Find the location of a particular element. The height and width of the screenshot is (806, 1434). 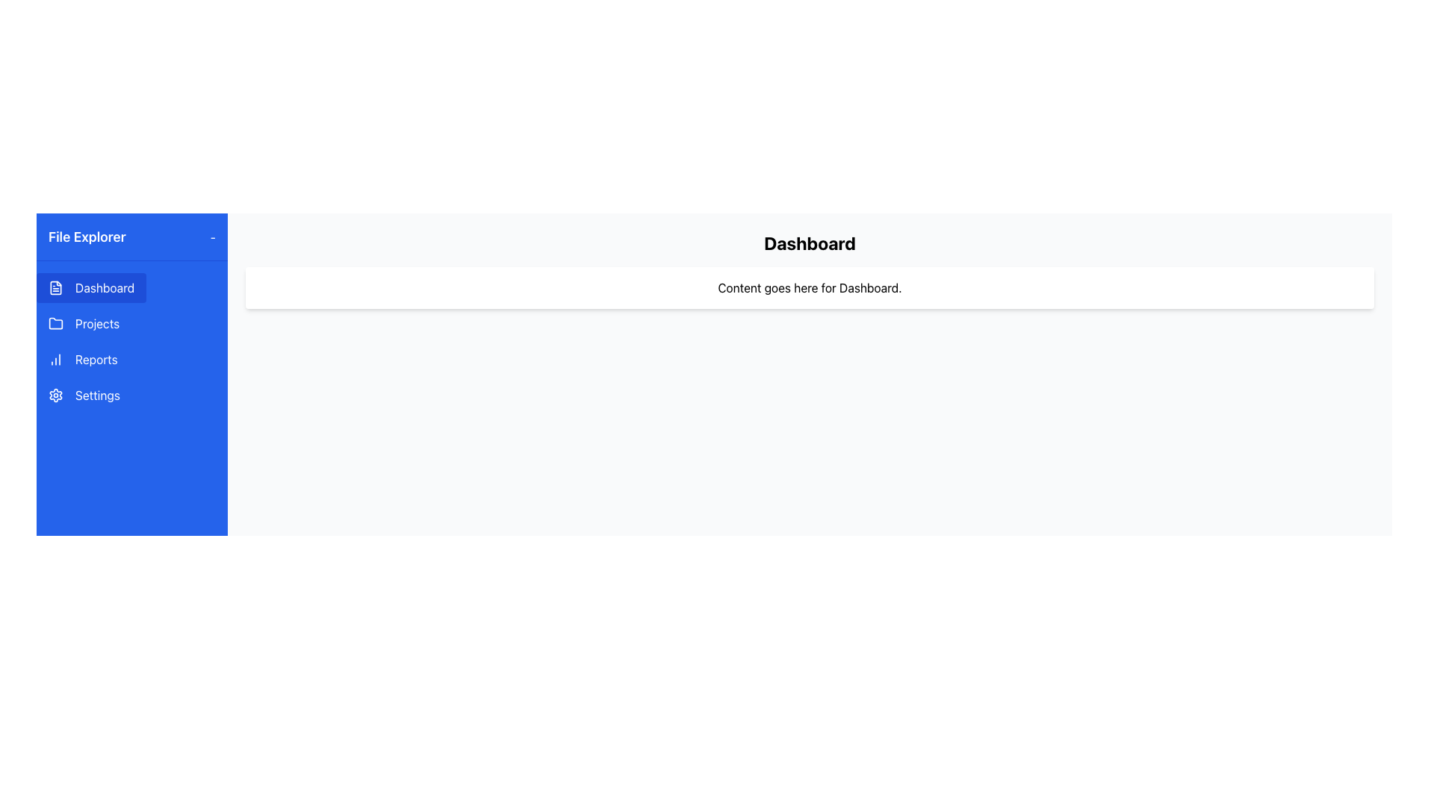

the 'Reports' menu item icon in the sidebar is located at coordinates (56, 360).